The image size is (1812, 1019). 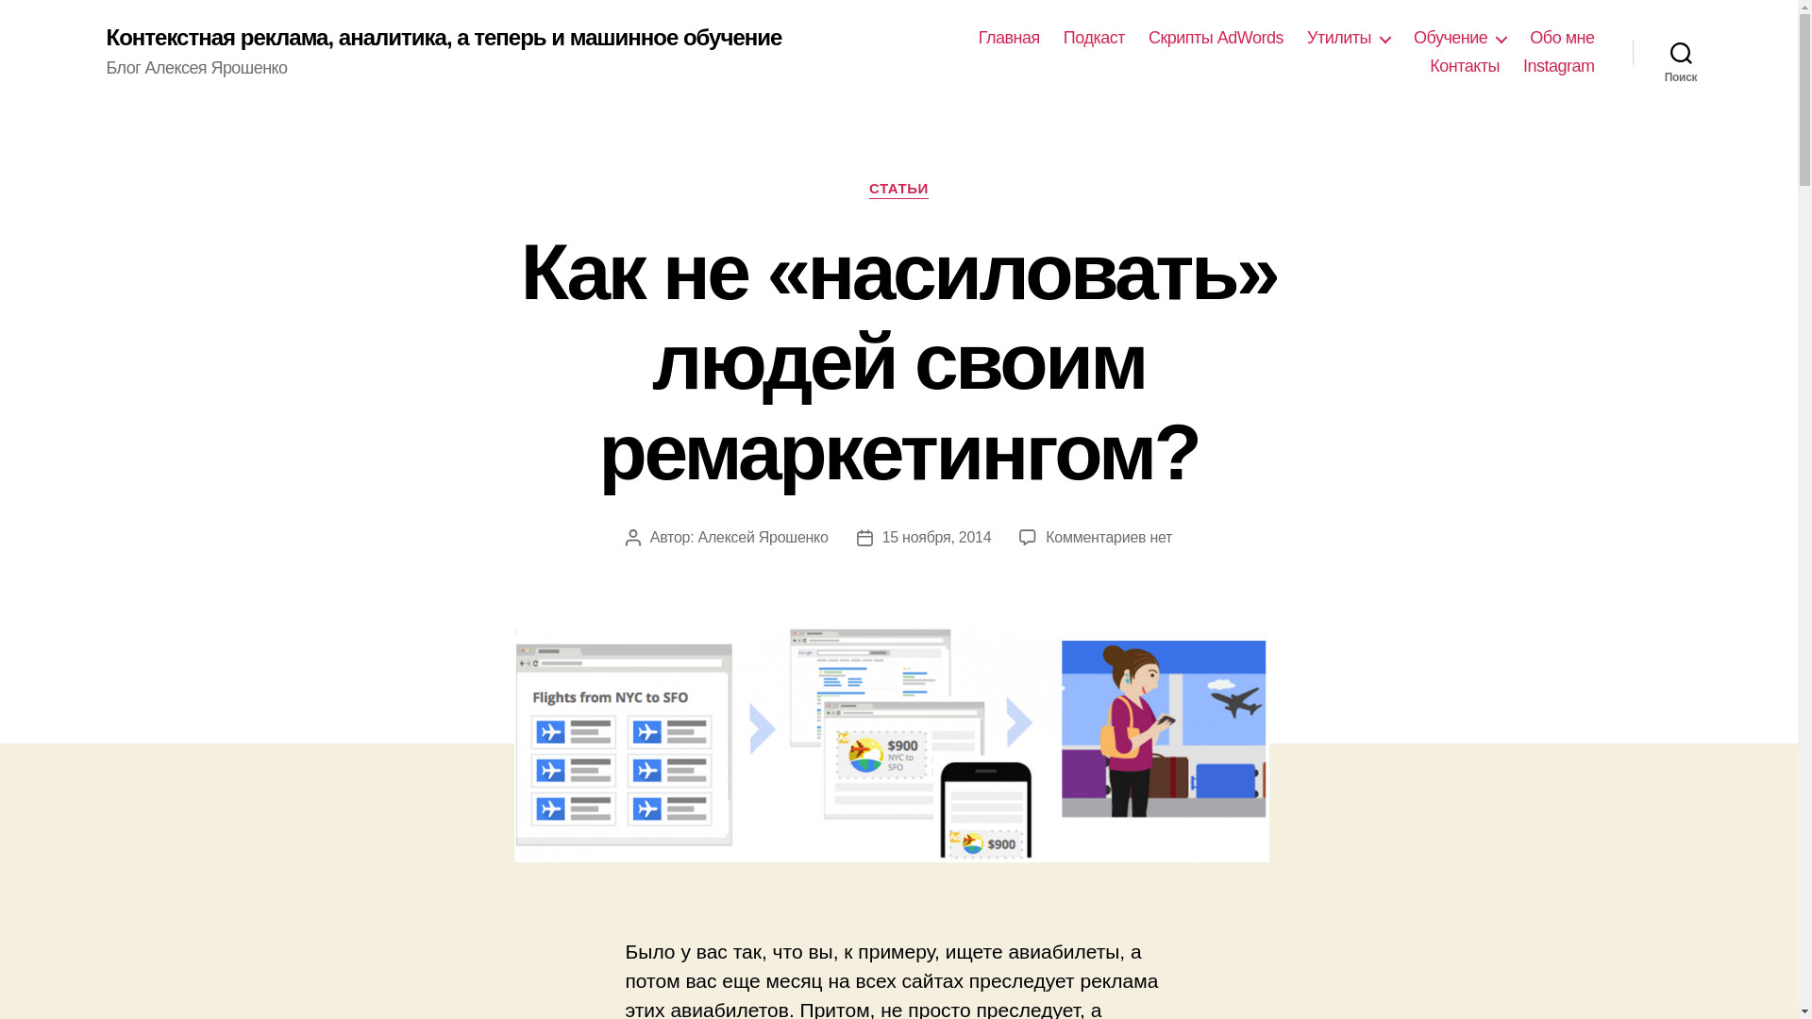 I want to click on 'Instagram', so click(x=1558, y=65).